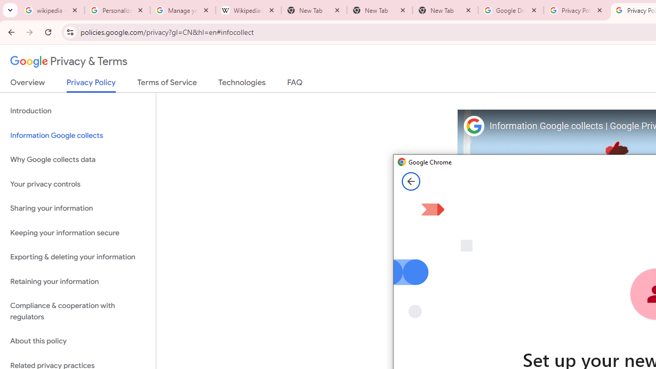 Image resolution: width=656 pixels, height=369 pixels. What do you see at coordinates (77, 183) in the screenshot?
I see `'Your privacy controls'` at bounding box center [77, 183].